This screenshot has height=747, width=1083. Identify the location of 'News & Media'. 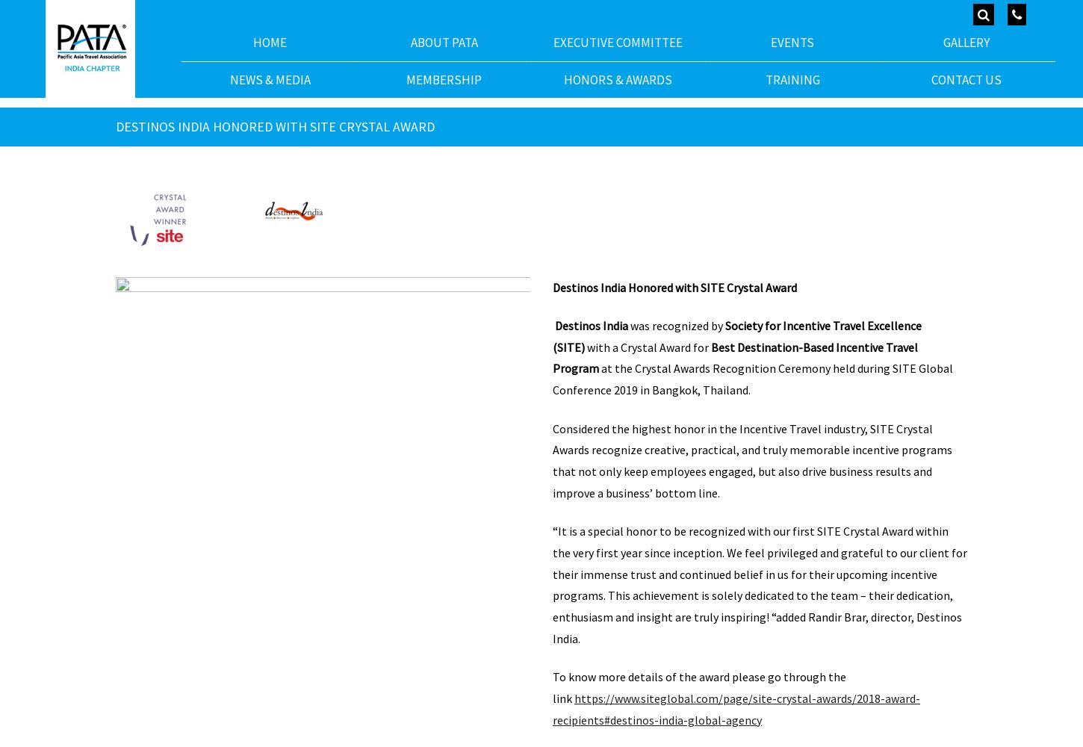
(270, 78).